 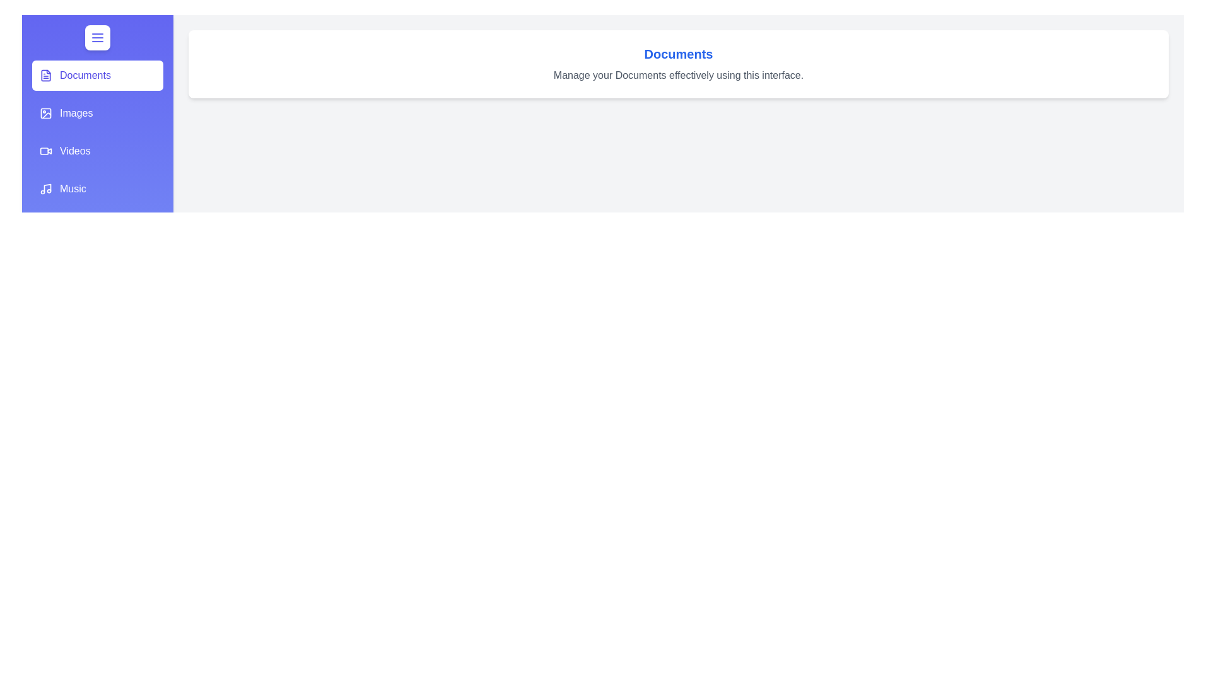 What do you see at coordinates (97, 37) in the screenshot?
I see `the menu button to toggle the drawer visibility` at bounding box center [97, 37].